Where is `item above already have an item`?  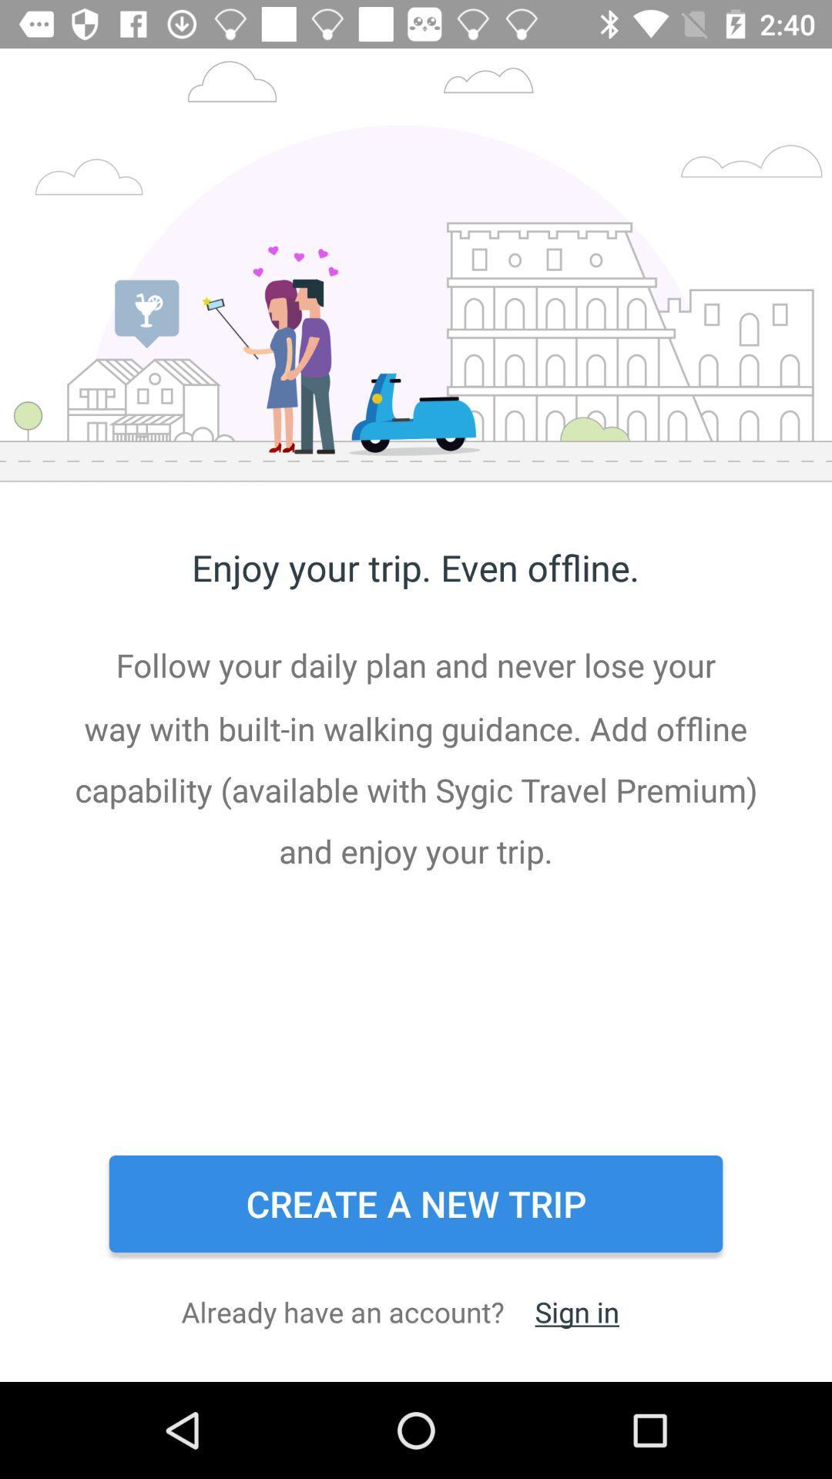
item above already have an item is located at coordinates (416, 1203).